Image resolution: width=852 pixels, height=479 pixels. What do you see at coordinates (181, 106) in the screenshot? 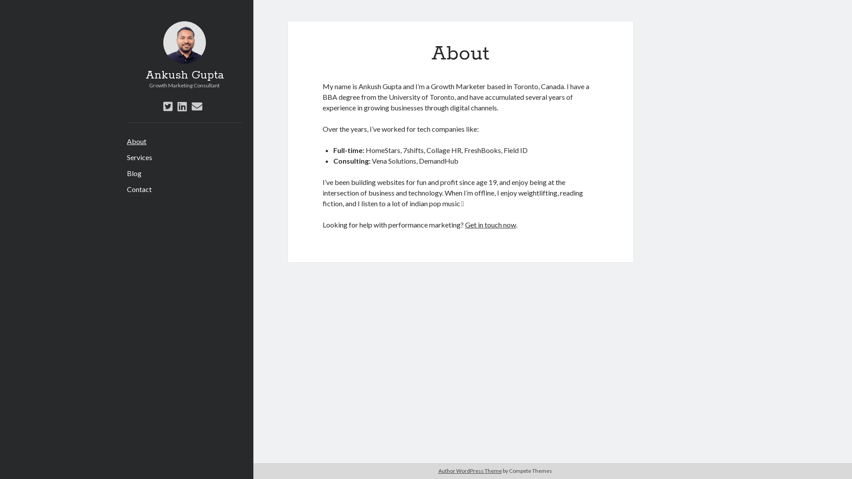
I see `'linkedin'` at bounding box center [181, 106].